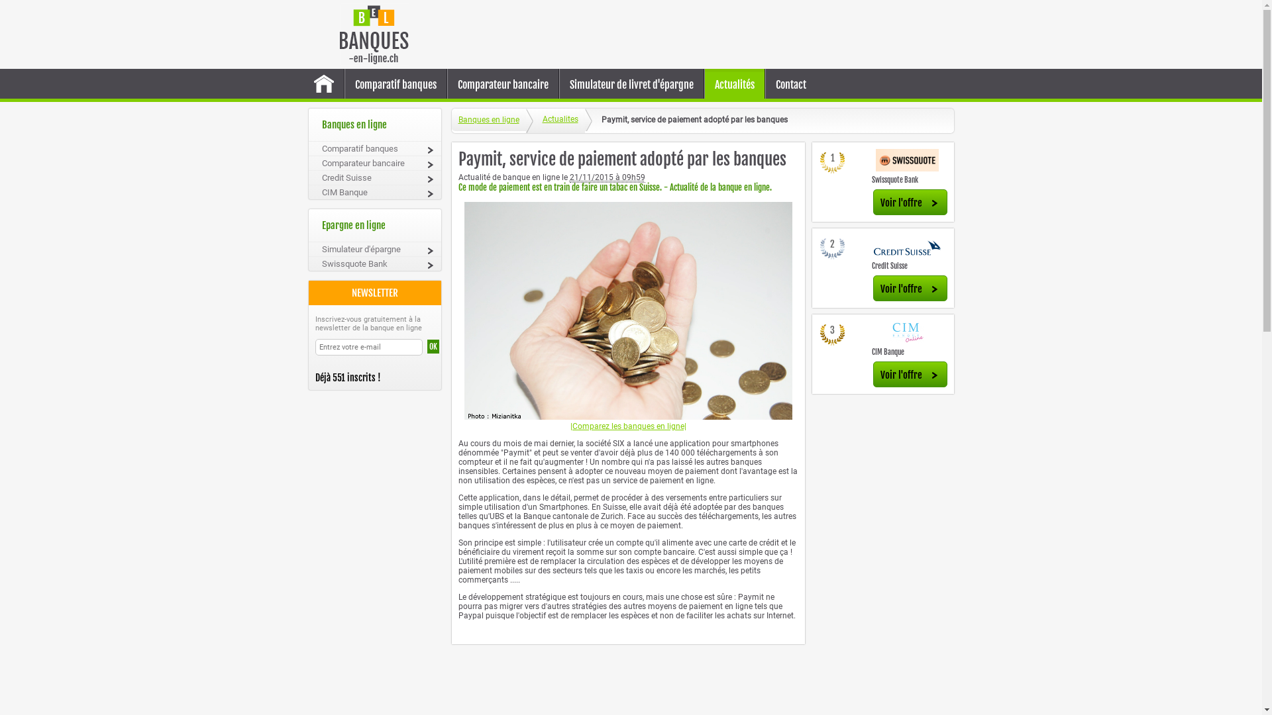  What do you see at coordinates (432, 346) in the screenshot?
I see `'OK'` at bounding box center [432, 346].